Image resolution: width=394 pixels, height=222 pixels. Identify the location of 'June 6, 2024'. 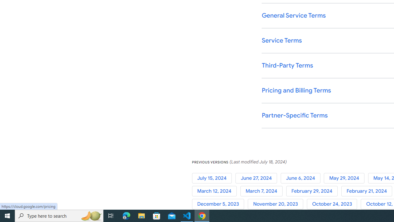
(302, 178).